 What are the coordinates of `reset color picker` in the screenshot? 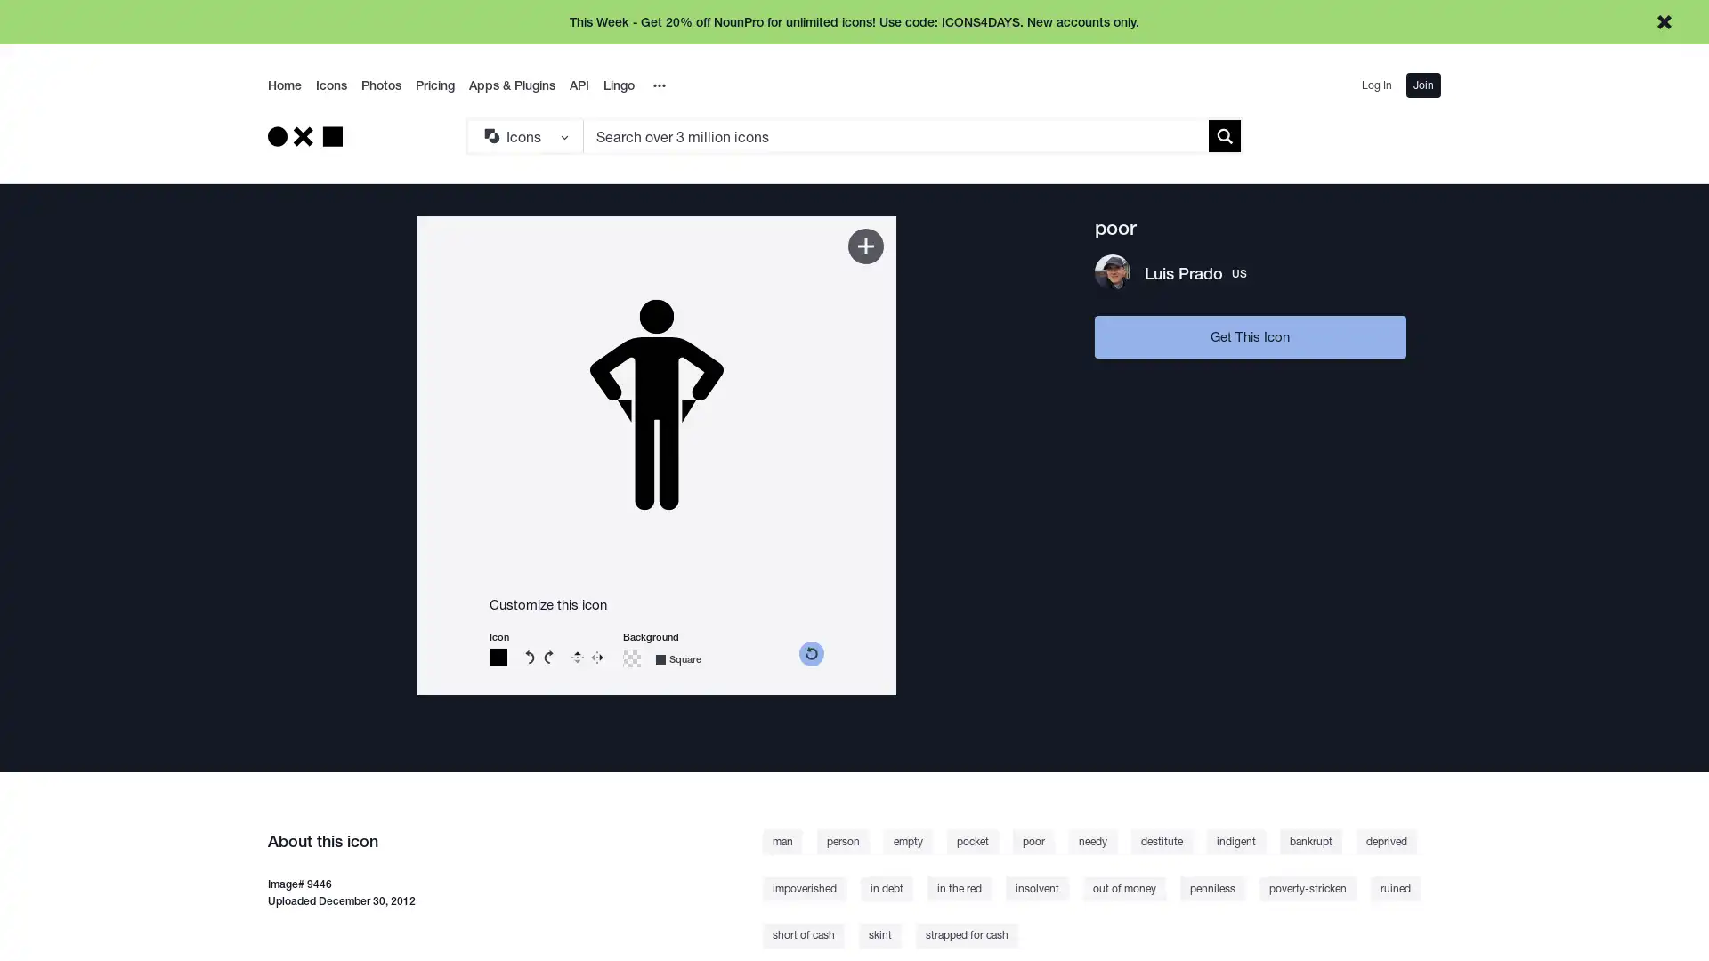 It's located at (810, 654).